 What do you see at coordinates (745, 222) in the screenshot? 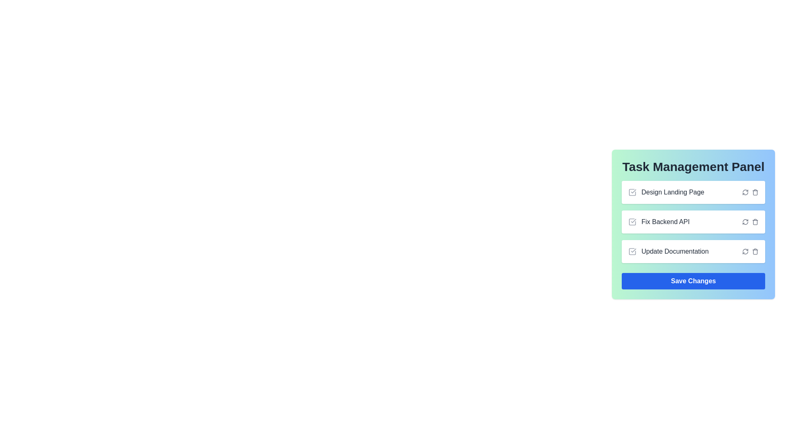
I see `the first button in the row for the 'Fix Backend API' task to initiate the reload action` at bounding box center [745, 222].